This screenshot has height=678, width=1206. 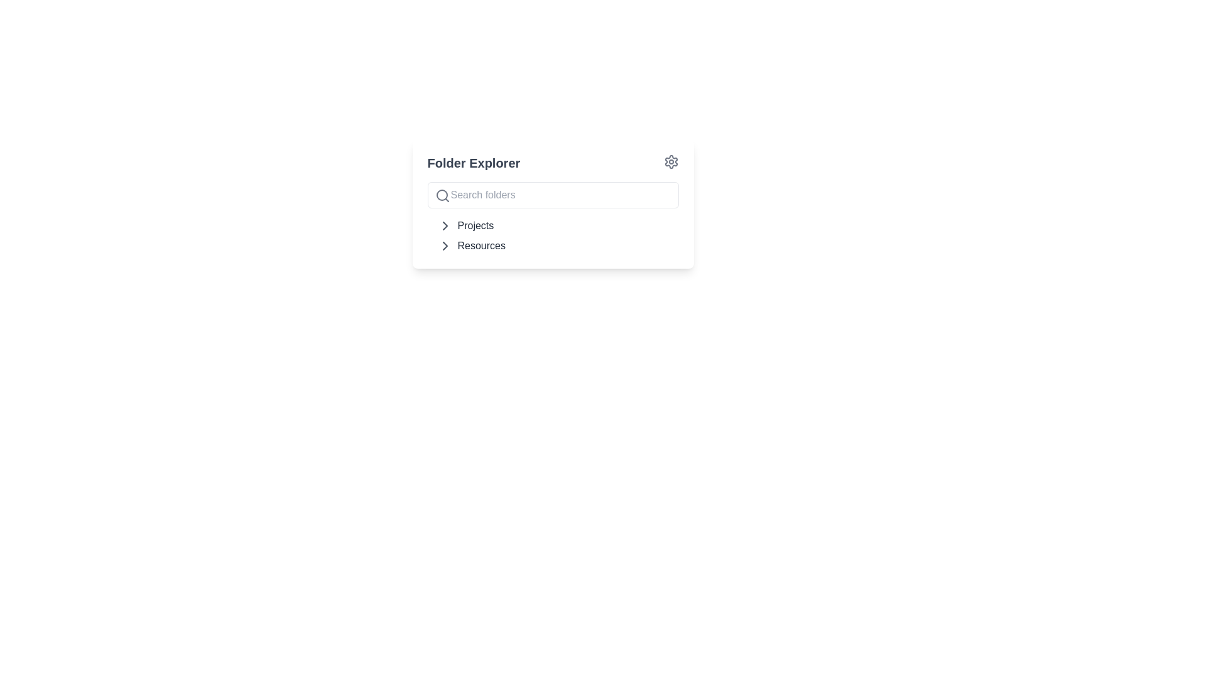 I want to click on the right-facing gray chevron icon, so click(x=445, y=225).